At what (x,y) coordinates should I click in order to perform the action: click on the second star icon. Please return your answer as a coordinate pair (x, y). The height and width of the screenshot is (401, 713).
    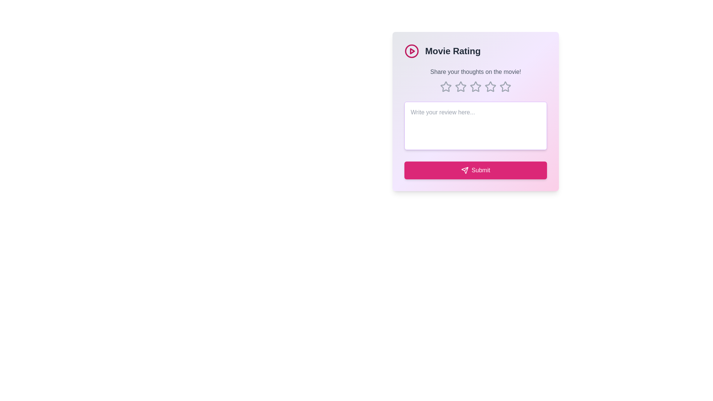
    Looking at the image, I should click on (460, 86).